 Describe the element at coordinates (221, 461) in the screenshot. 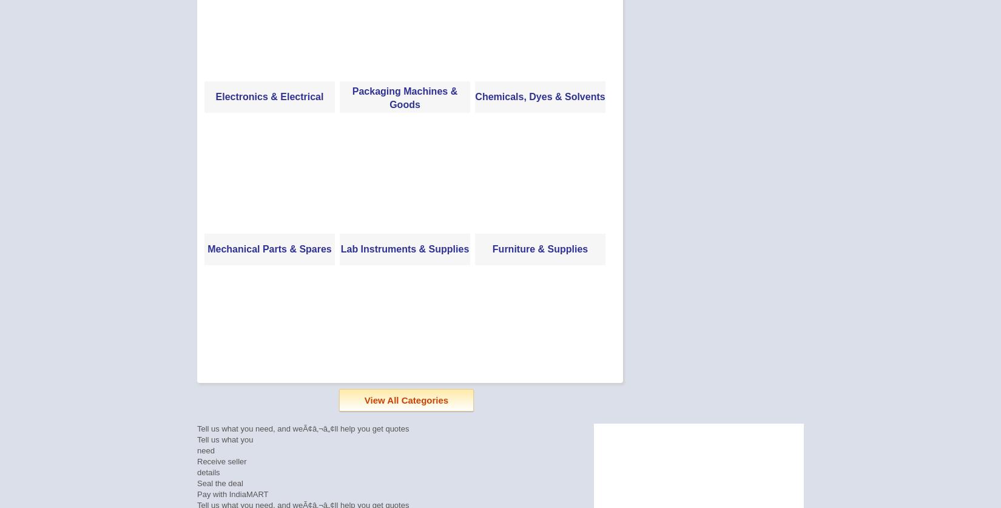

I see `'Receive seller'` at that location.